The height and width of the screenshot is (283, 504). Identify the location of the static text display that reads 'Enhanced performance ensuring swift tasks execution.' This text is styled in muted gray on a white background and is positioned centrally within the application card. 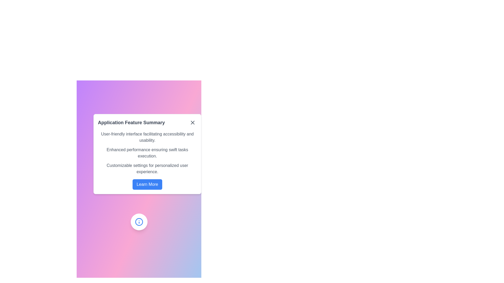
(147, 153).